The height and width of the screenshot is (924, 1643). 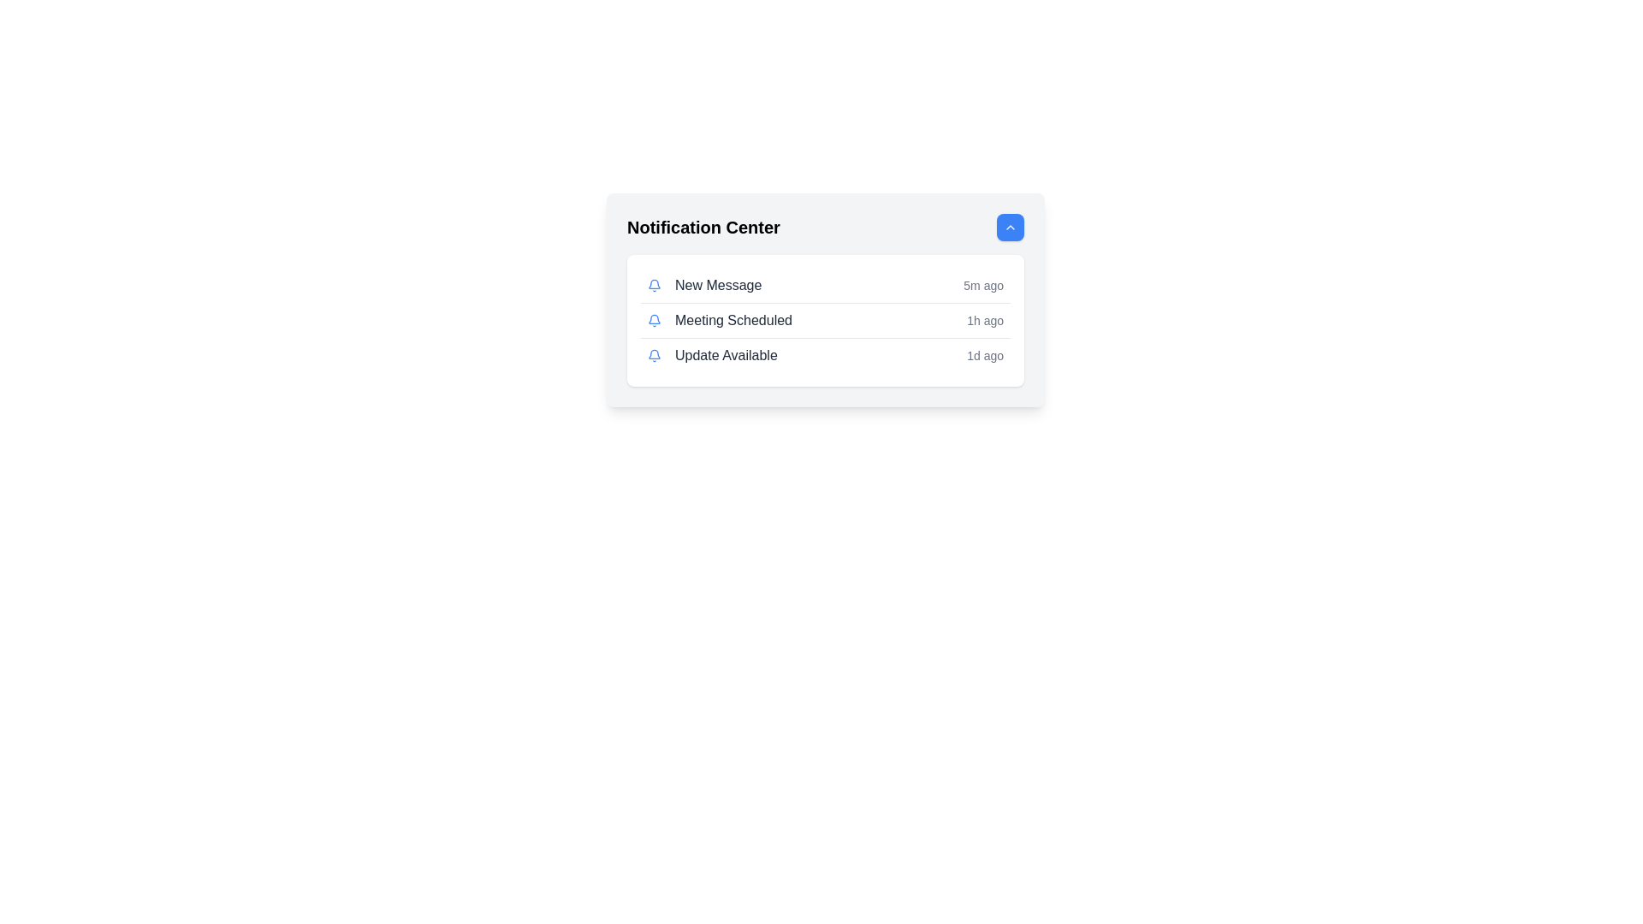 What do you see at coordinates (985, 355) in the screenshot?
I see `the static text label displaying '1d ago', which is part of the 'Update Available' notification entry and located on the far right side next to the main text content` at bounding box center [985, 355].